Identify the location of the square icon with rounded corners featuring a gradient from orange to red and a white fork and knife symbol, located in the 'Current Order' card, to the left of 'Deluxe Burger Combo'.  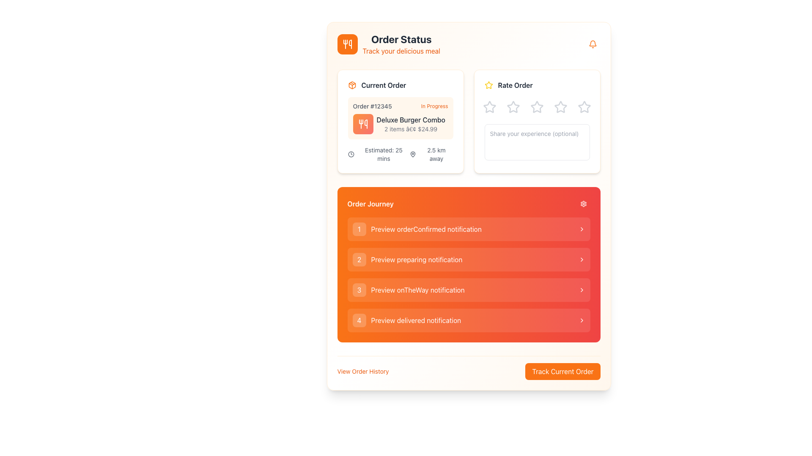
(363, 124).